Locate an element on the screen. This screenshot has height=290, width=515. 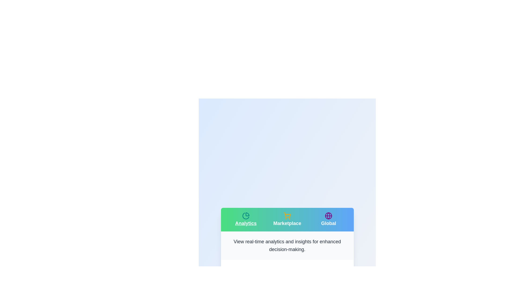
the Marketplace tab to navigate to its section is located at coordinates (287, 219).